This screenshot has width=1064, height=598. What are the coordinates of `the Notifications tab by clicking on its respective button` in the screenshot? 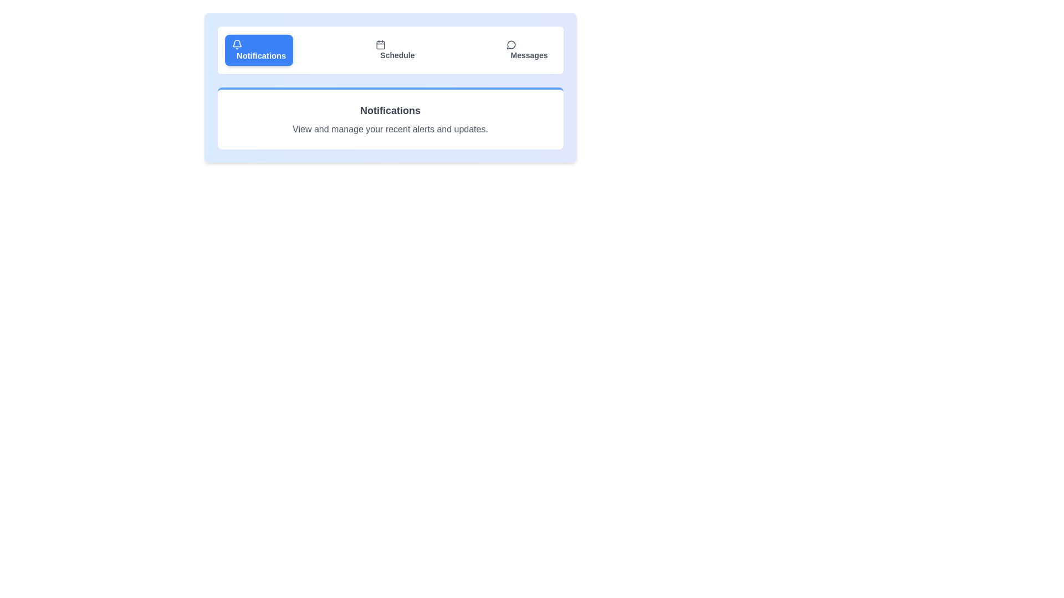 It's located at (258, 50).